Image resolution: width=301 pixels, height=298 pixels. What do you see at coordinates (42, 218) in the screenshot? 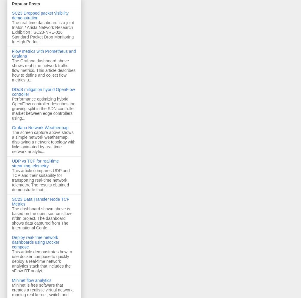
I see `'The dashboard shown above is based on the open source sflow-rt/dtn  project. The dashboard shows data captured from The International Confe...'` at bounding box center [42, 218].